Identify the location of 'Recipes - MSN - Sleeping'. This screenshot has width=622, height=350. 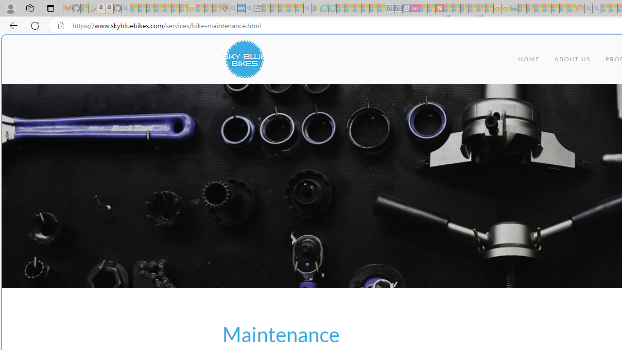
(200, 8).